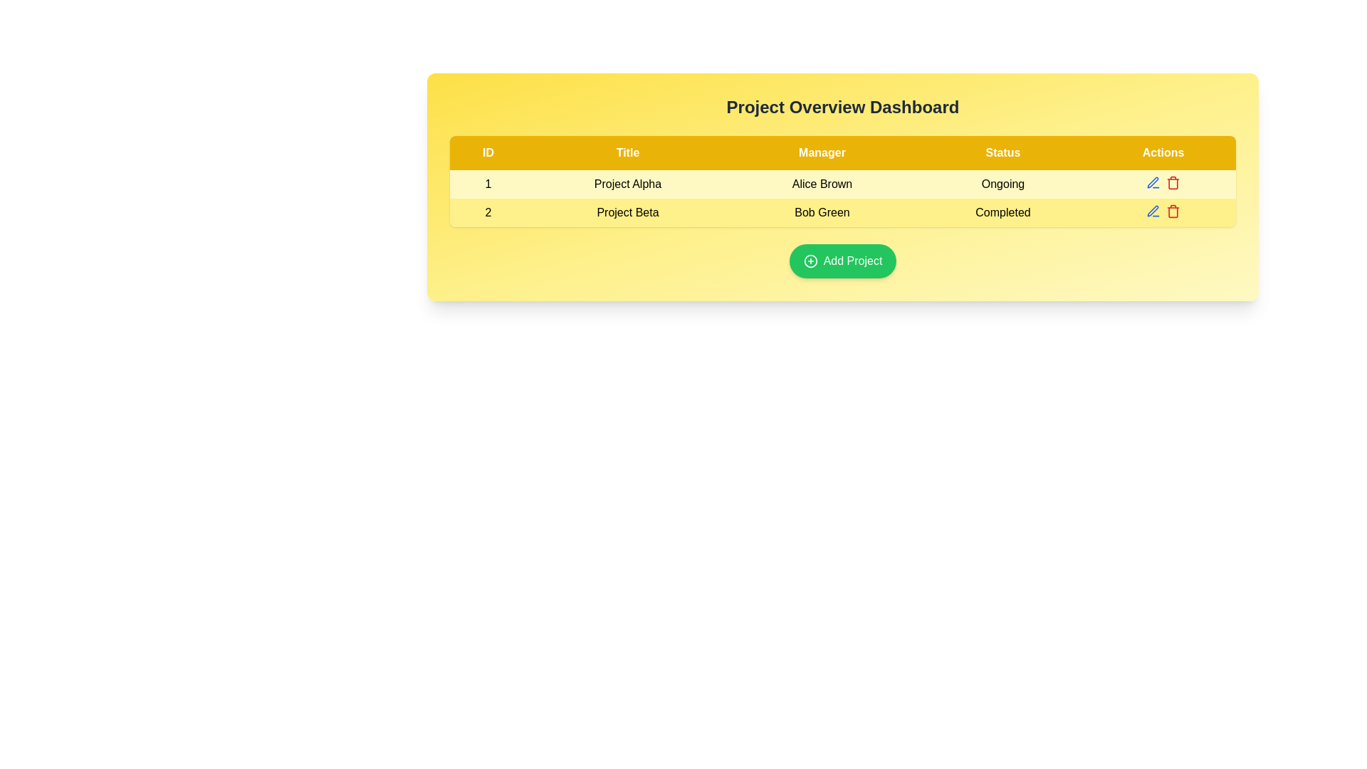 This screenshot has height=769, width=1367. Describe the element at coordinates (488, 183) in the screenshot. I see `identifying number from the first cell of the row for 'Project Alpha', managed by 'Alice Brown', located in the 'ID' column of the table` at that location.